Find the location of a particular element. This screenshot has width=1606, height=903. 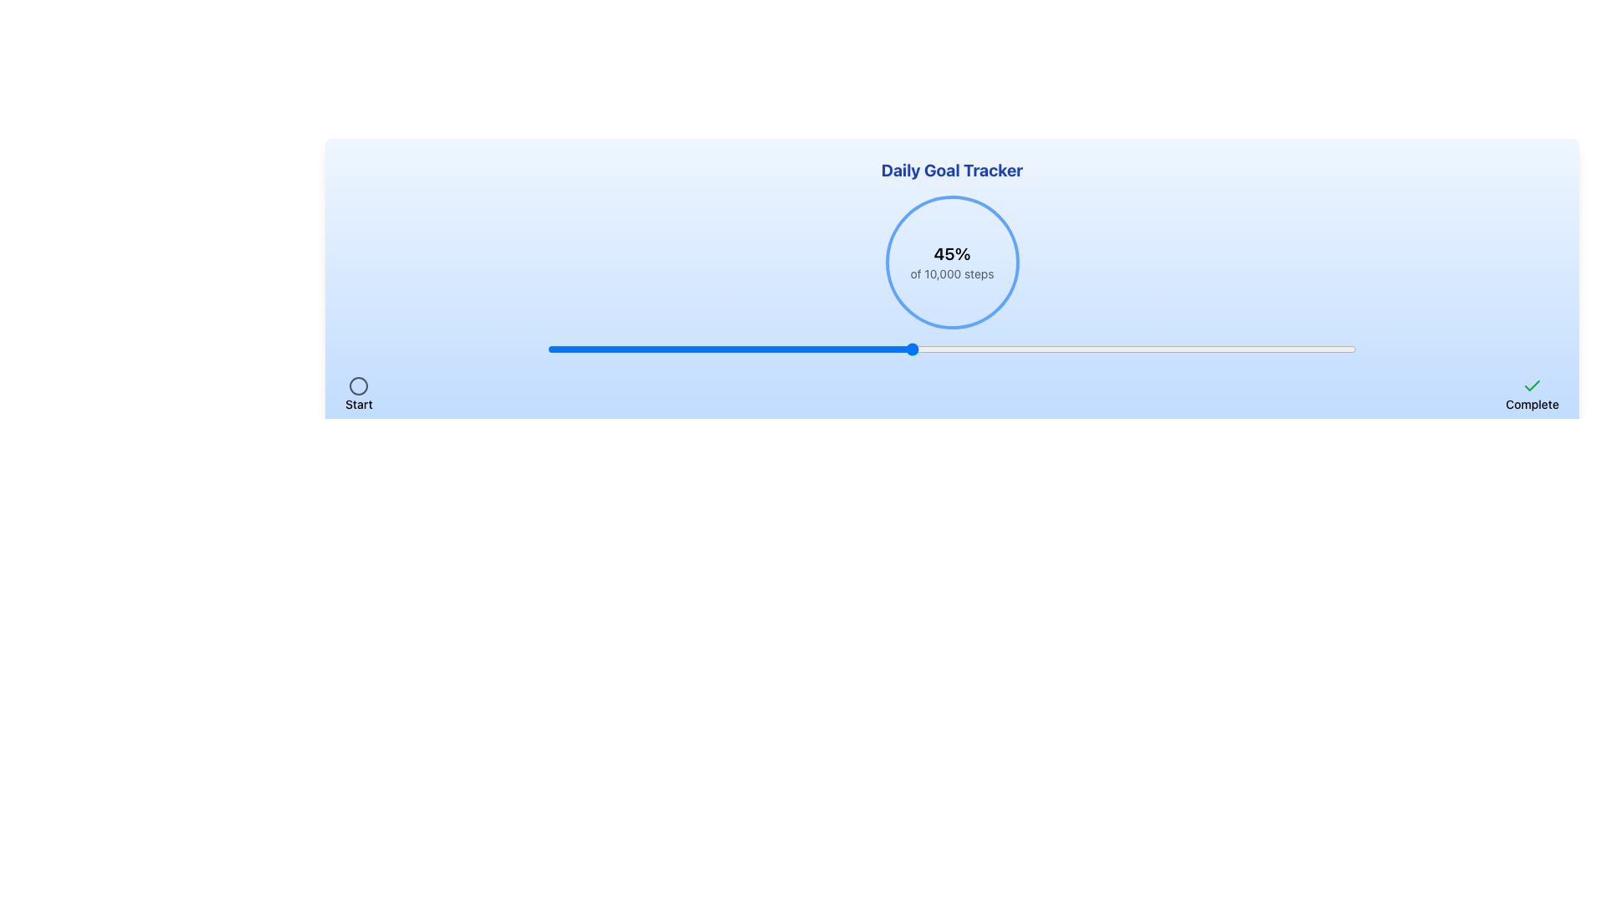

the status indicator element located at the bottom-right of the interface, which combines a label and a checkmark icon to indicate task completion is located at coordinates (1532, 394).